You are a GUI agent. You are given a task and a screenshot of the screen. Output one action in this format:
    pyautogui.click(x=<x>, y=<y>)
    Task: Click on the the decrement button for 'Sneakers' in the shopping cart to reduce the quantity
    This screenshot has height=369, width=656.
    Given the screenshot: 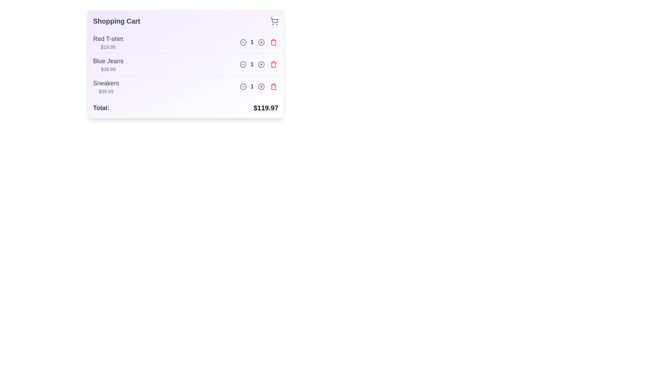 What is the action you would take?
    pyautogui.click(x=243, y=86)
    